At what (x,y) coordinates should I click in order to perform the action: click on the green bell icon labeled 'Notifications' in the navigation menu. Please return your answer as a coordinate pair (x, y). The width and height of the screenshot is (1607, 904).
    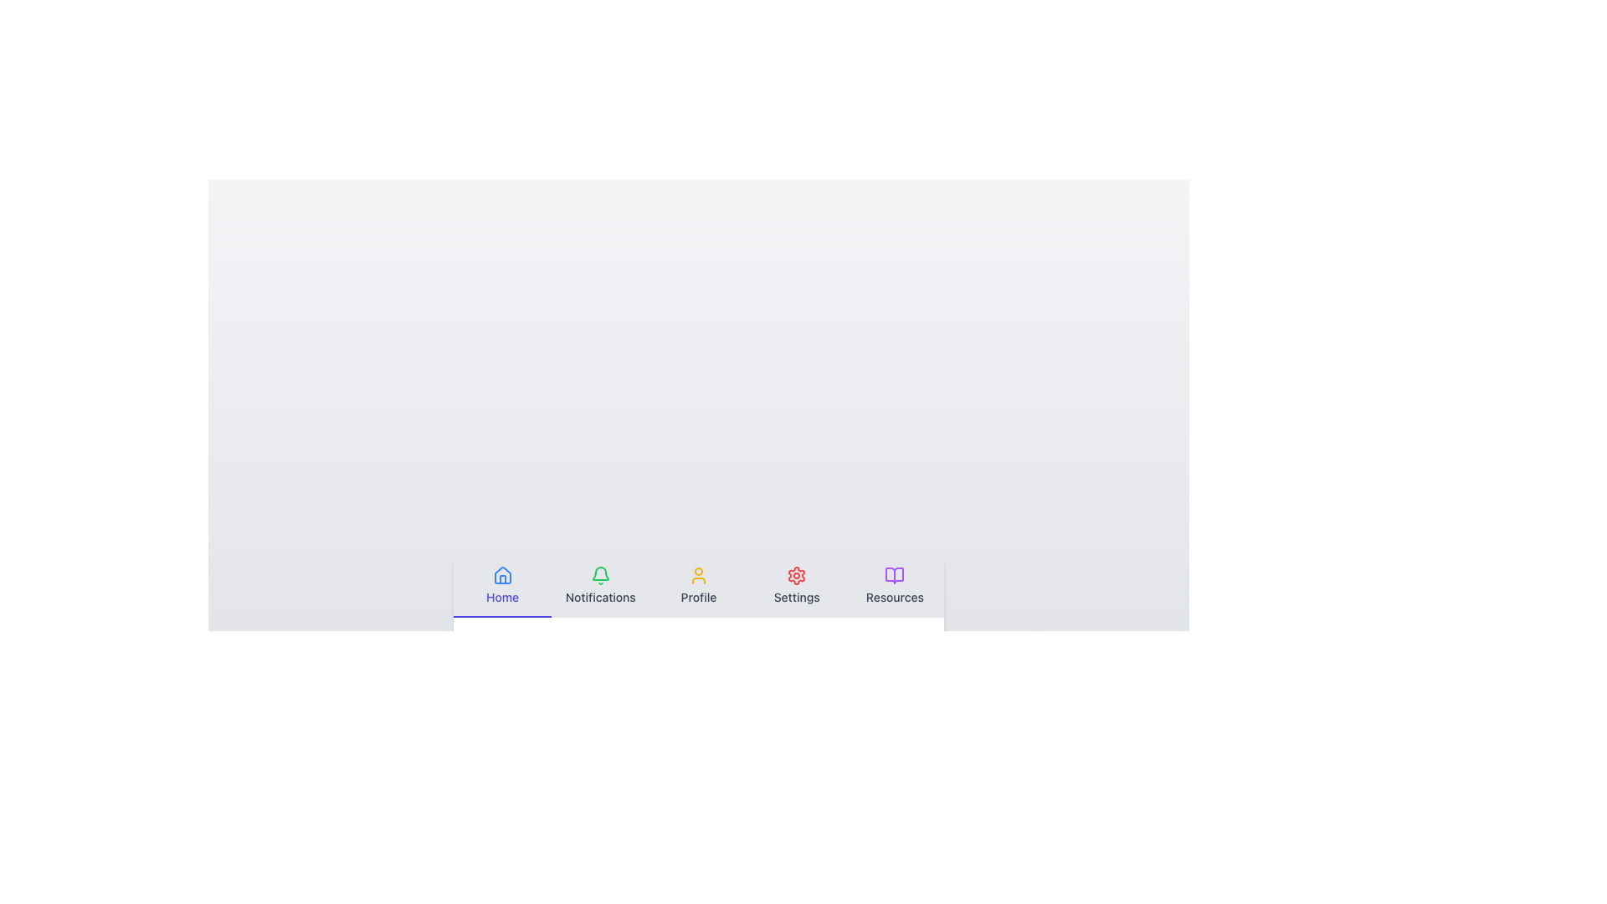
    Looking at the image, I should click on (600, 584).